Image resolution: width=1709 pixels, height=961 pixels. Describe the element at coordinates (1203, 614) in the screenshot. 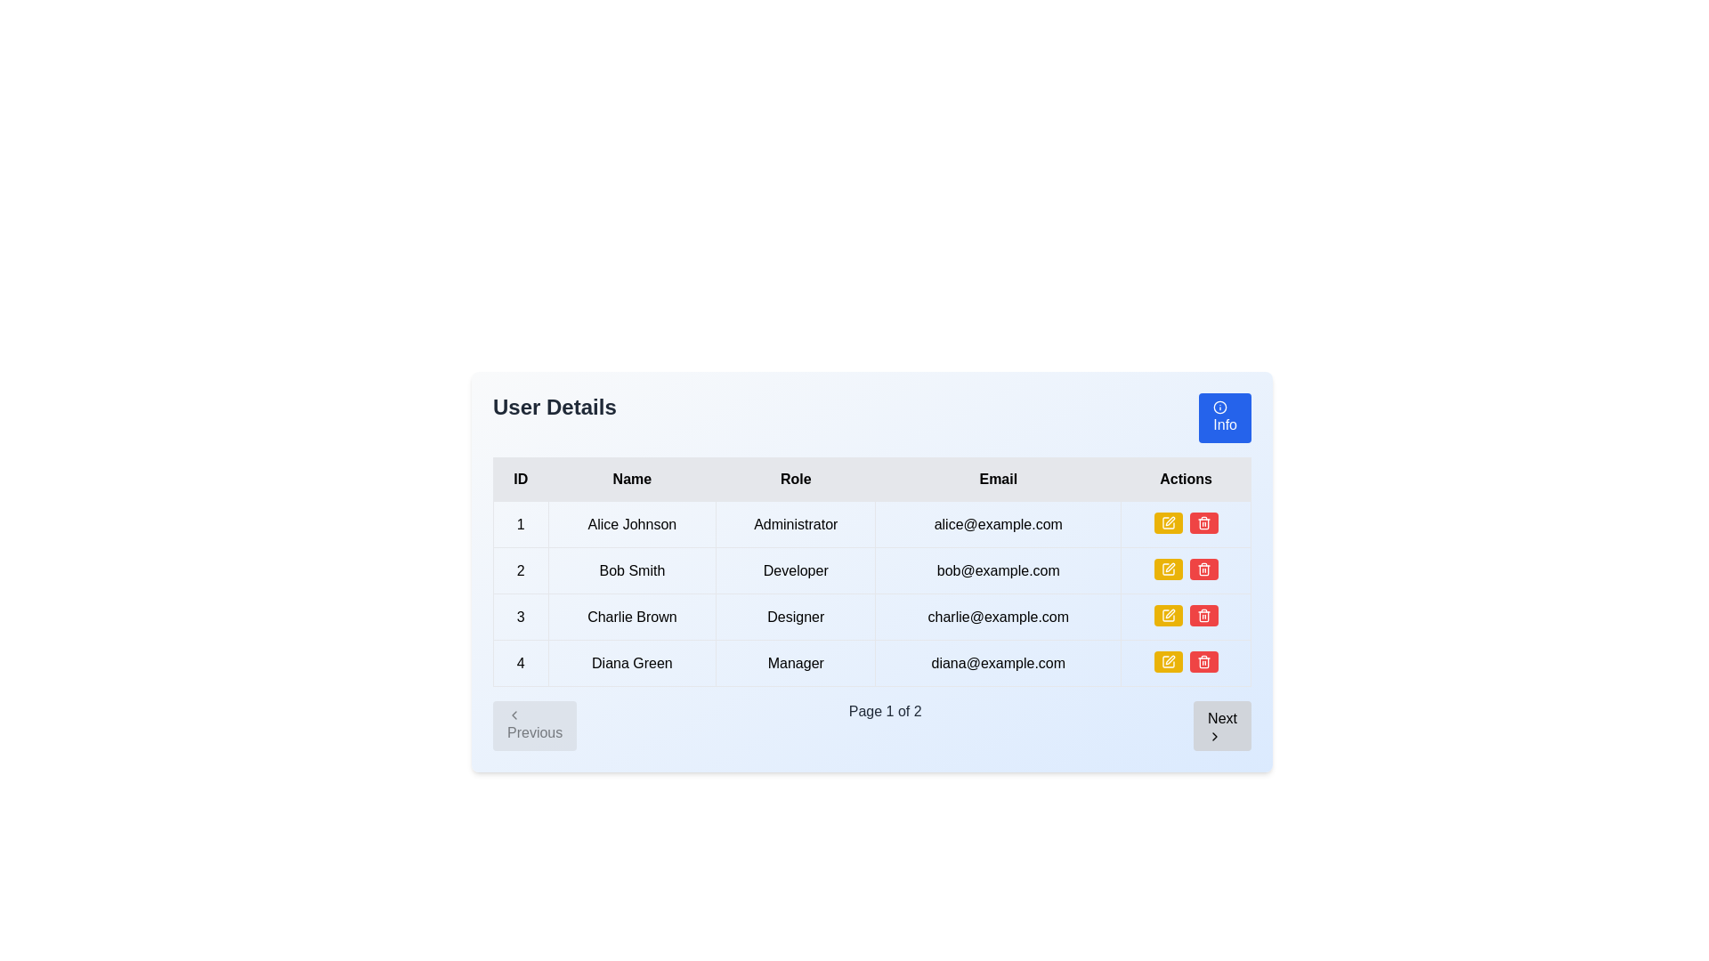

I see `the delete icon button in the 'Actions' column for the entry corresponding to 'Bob Smith'` at that location.